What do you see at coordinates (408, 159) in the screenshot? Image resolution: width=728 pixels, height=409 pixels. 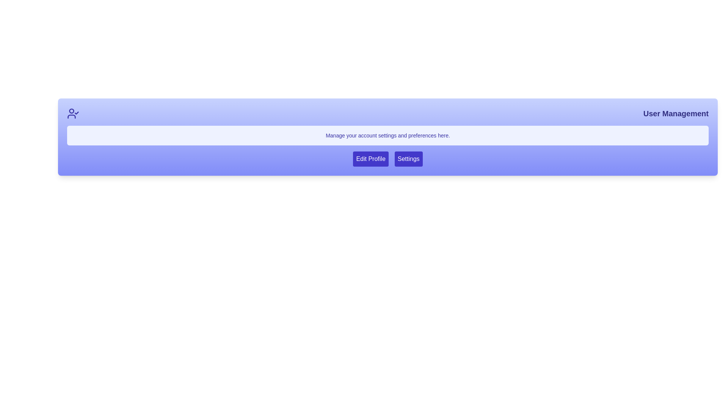 I see `the 'Settings' button, which is the second and rightmost button in a horizontal layout` at bounding box center [408, 159].